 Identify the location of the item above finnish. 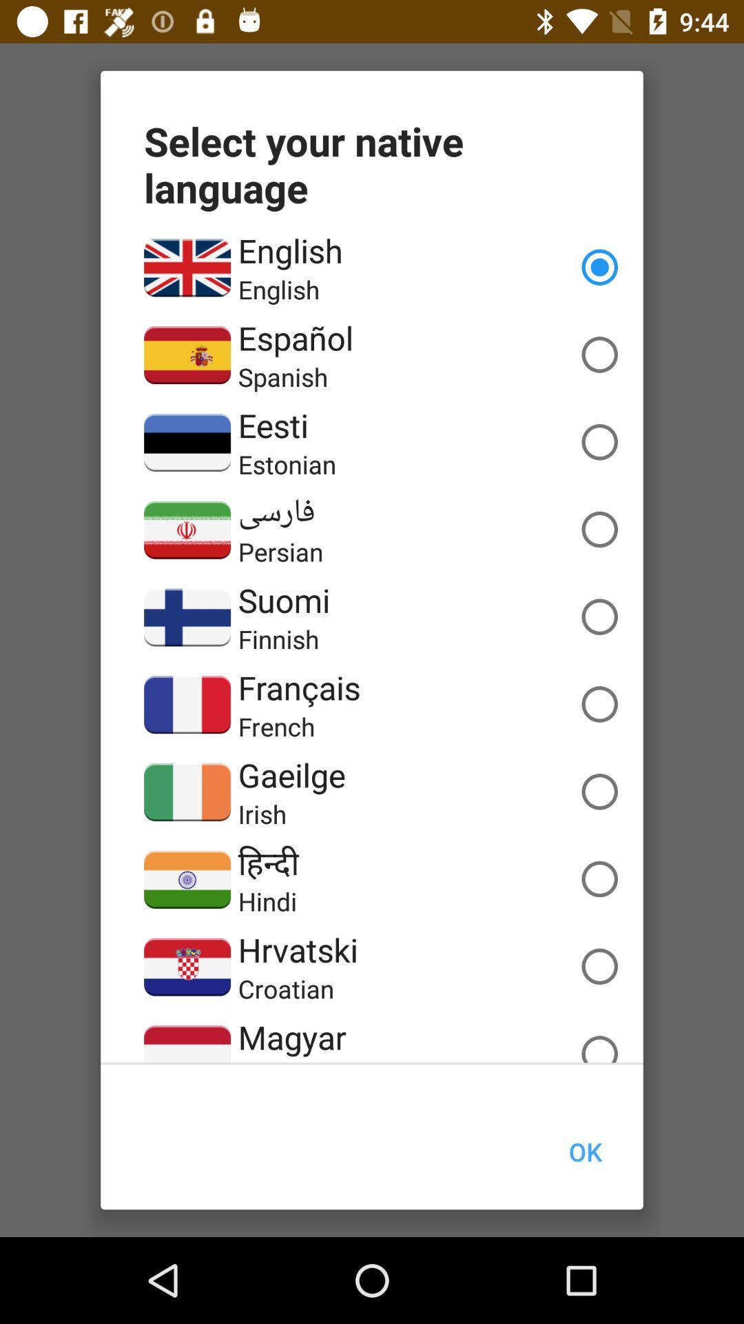
(283, 600).